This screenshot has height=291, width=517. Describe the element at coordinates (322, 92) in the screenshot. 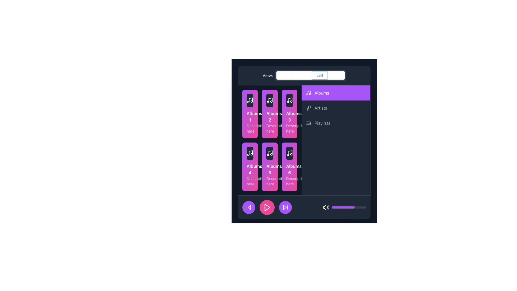

I see `the 'Albums' label in the purple navigation tab located in the sidebar, which is centrally aligned and positioned to the right of a music icon` at that location.